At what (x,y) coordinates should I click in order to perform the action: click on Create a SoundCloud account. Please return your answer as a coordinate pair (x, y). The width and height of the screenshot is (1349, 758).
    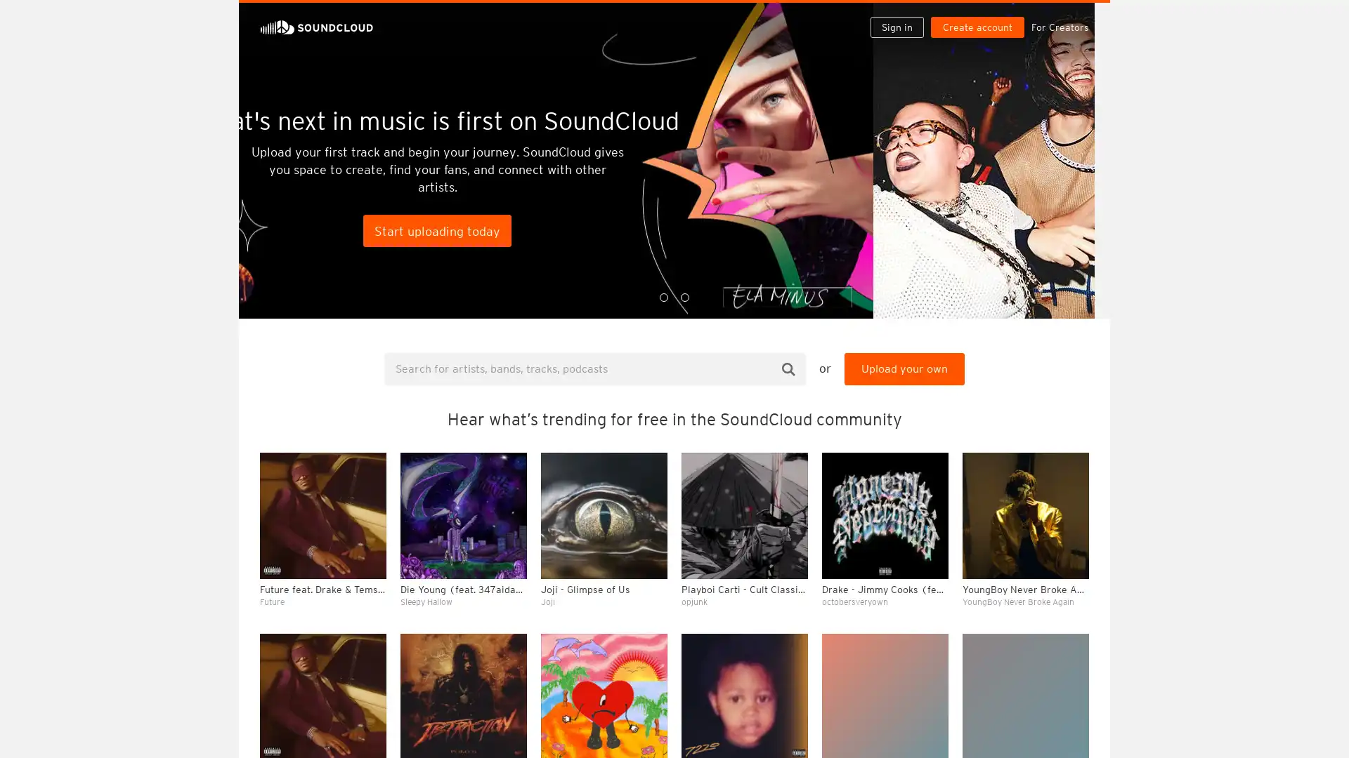
    Looking at the image, I should click on (980, 15).